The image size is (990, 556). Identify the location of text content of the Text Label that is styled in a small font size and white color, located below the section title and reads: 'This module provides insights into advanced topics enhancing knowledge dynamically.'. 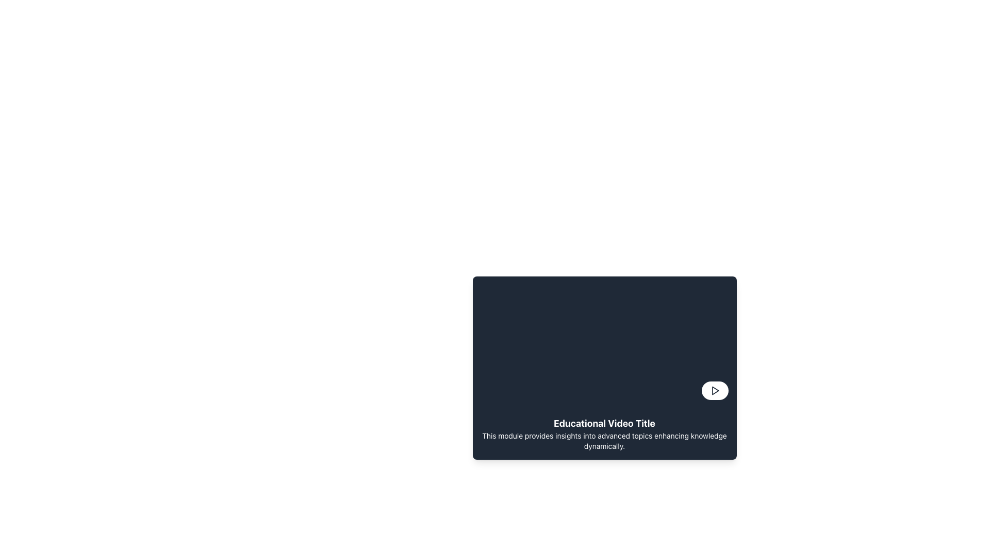
(604, 440).